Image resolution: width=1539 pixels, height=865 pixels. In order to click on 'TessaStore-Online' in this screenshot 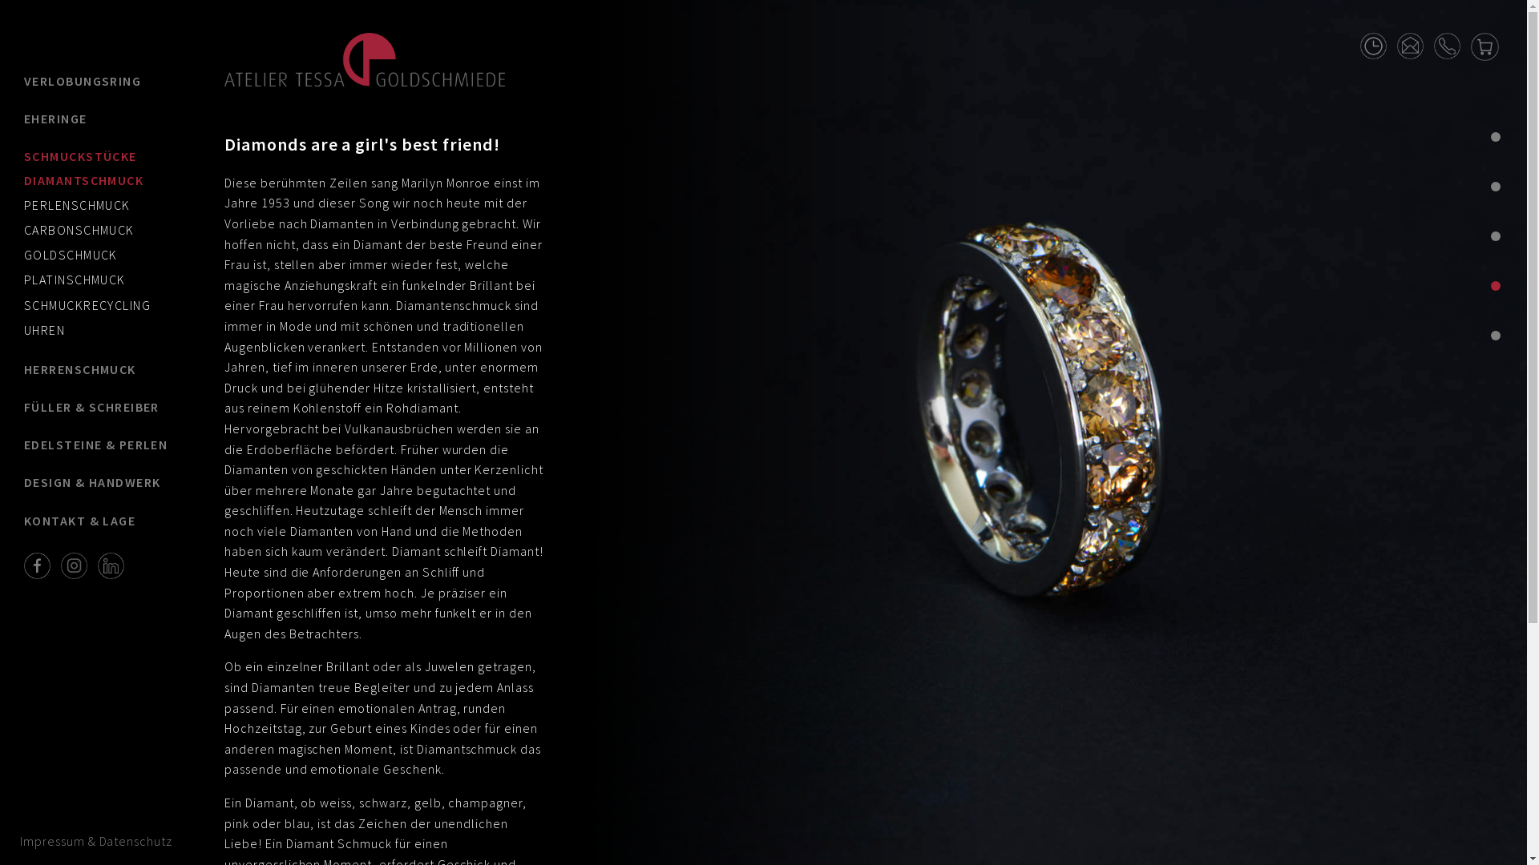, I will do `click(1484, 44)`.